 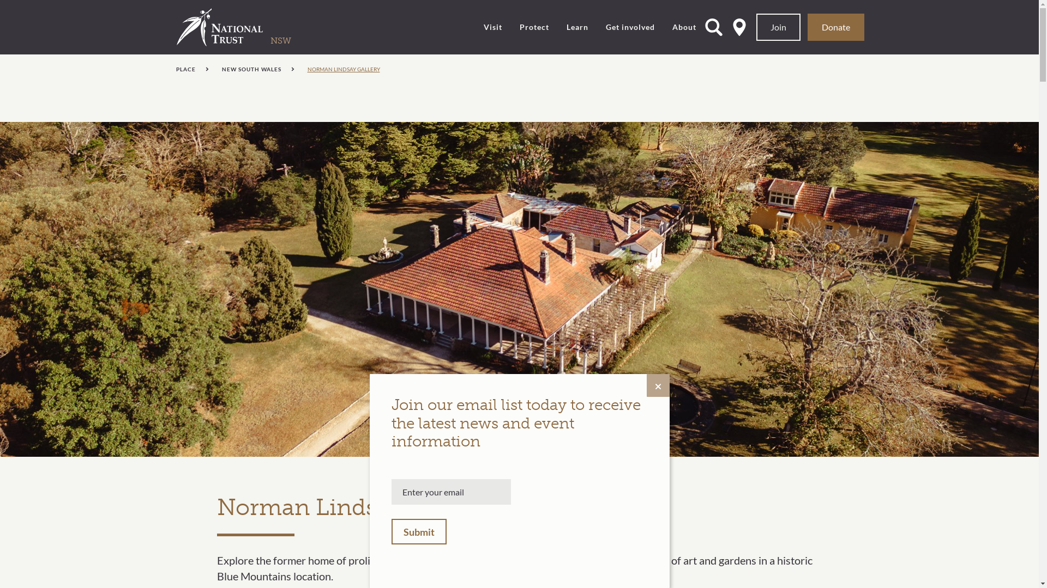 I want to click on 'NEW SOUTH WALES', so click(x=257, y=69).